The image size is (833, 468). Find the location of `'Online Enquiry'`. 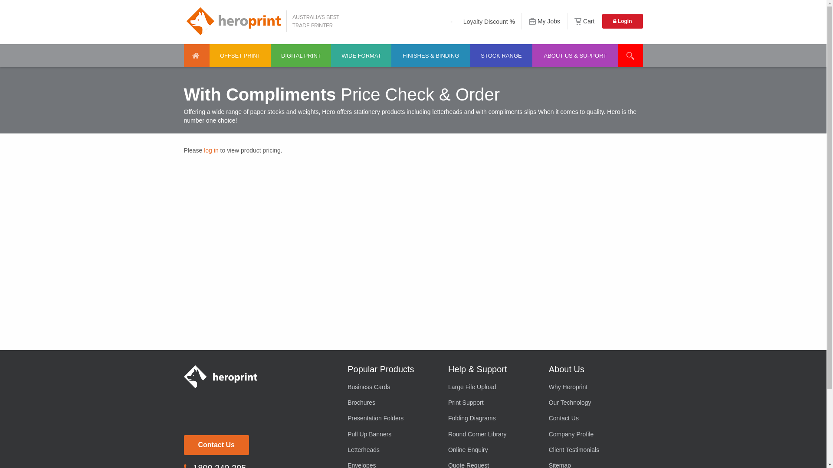

'Online Enquiry' is located at coordinates (492, 449).